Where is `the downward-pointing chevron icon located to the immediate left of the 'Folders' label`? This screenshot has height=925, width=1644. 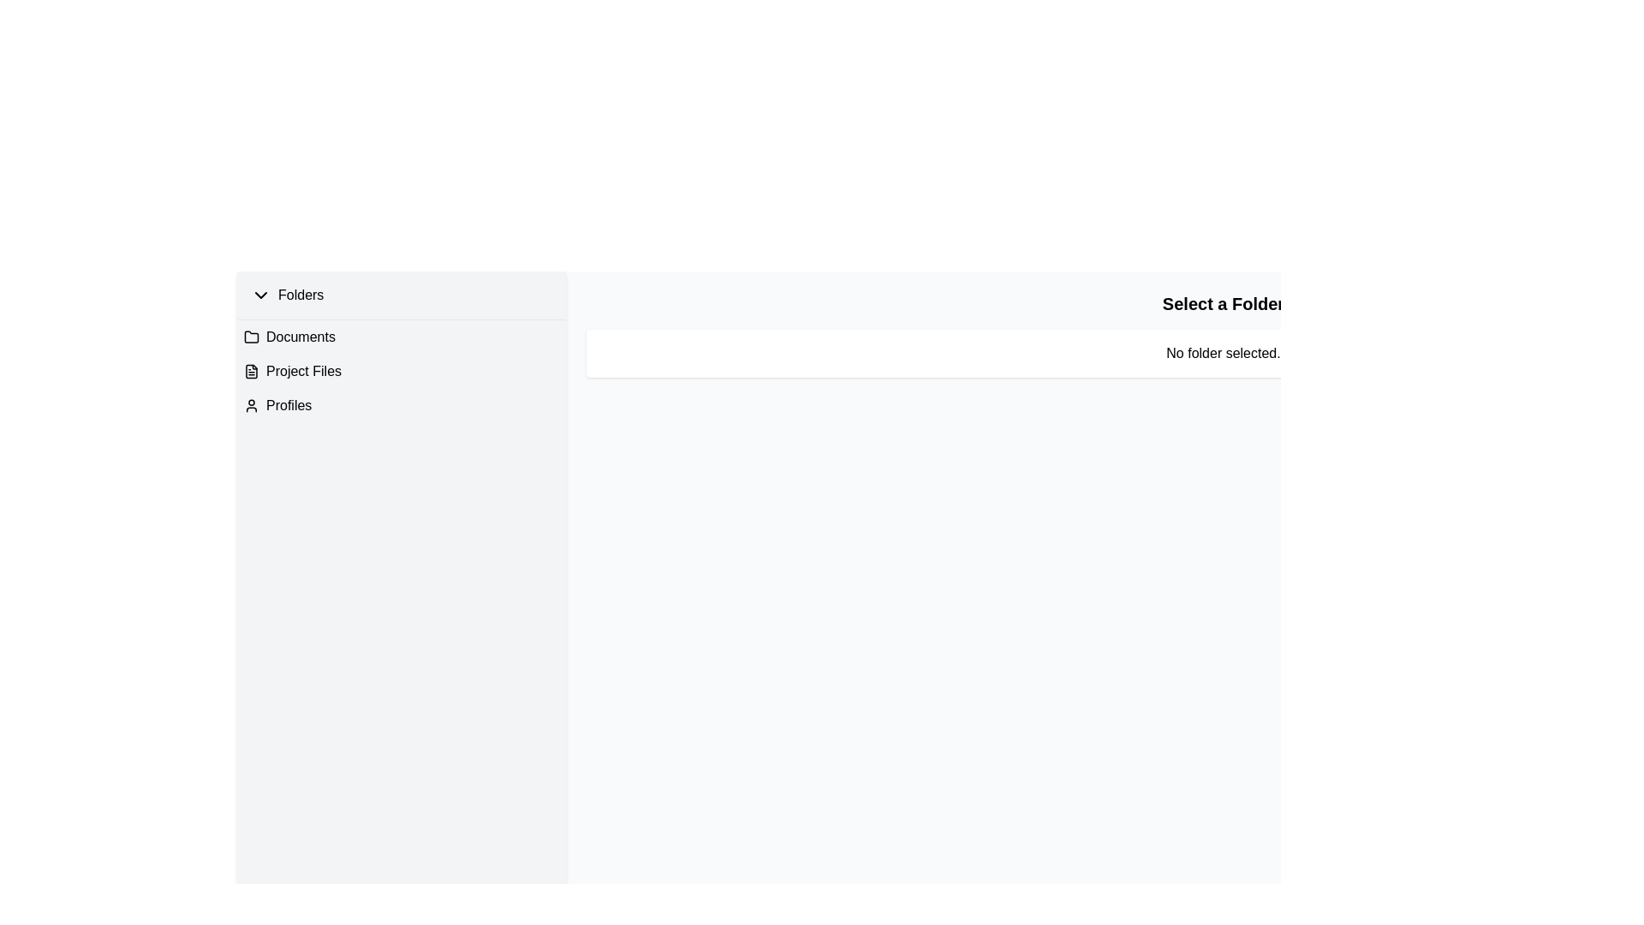
the downward-pointing chevron icon located to the immediate left of the 'Folders' label is located at coordinates (260, 294).